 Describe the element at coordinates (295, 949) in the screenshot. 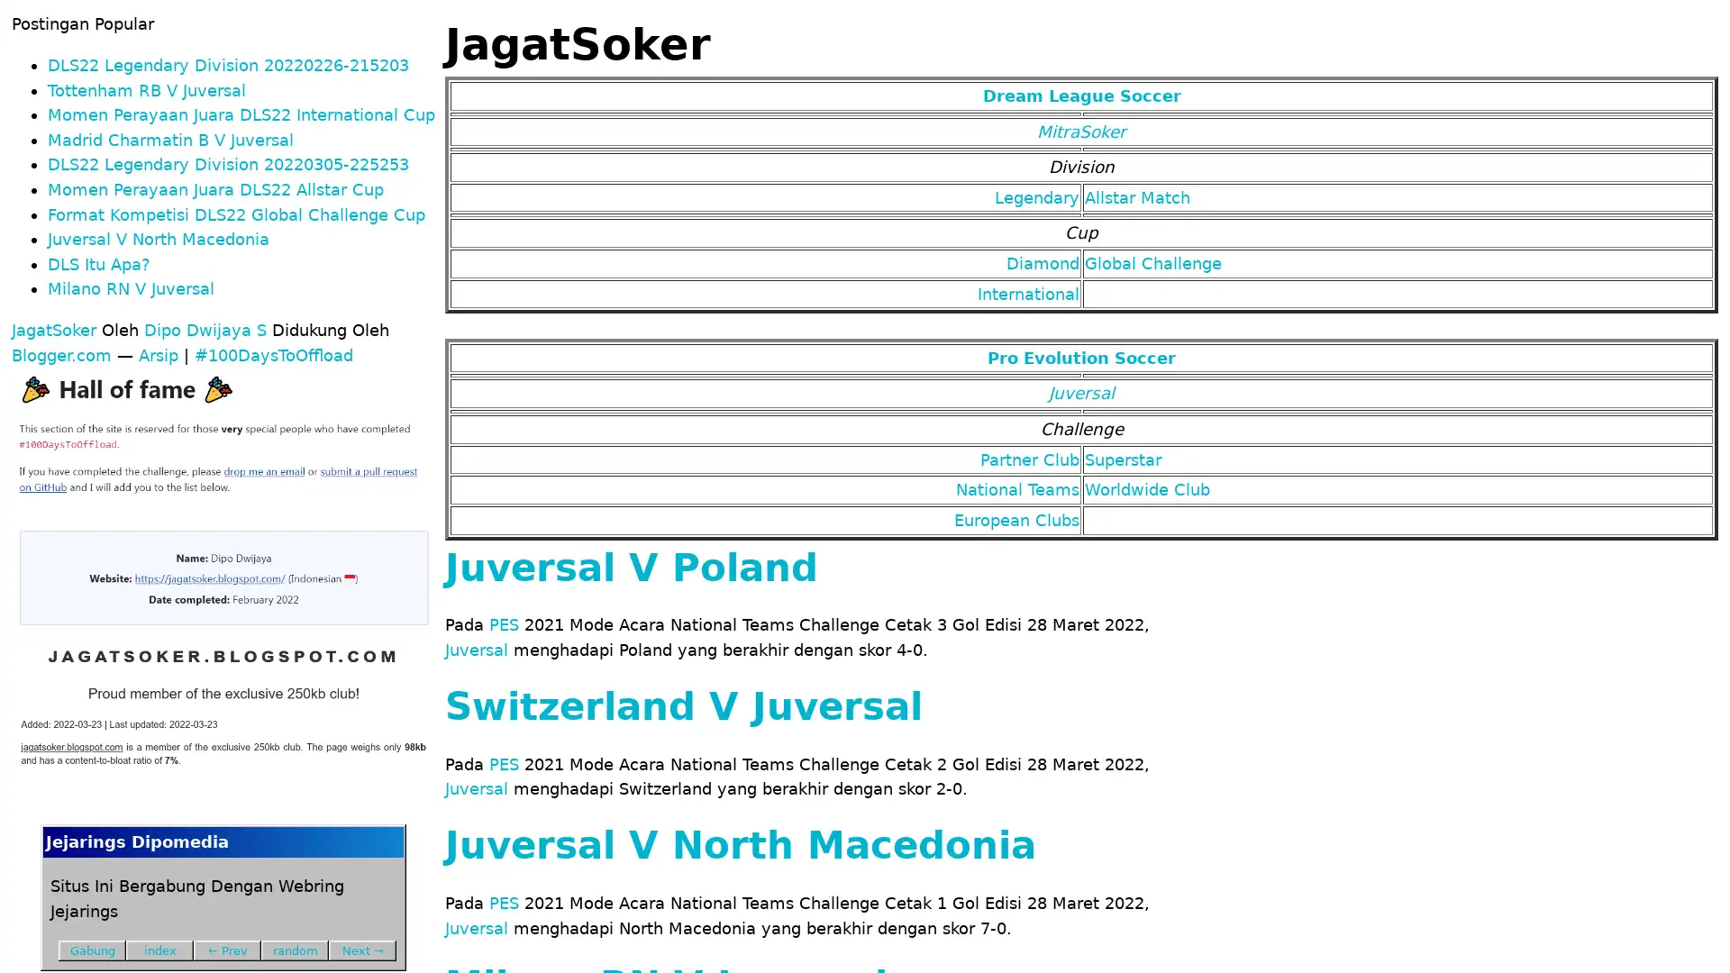

I see `random` at that location.